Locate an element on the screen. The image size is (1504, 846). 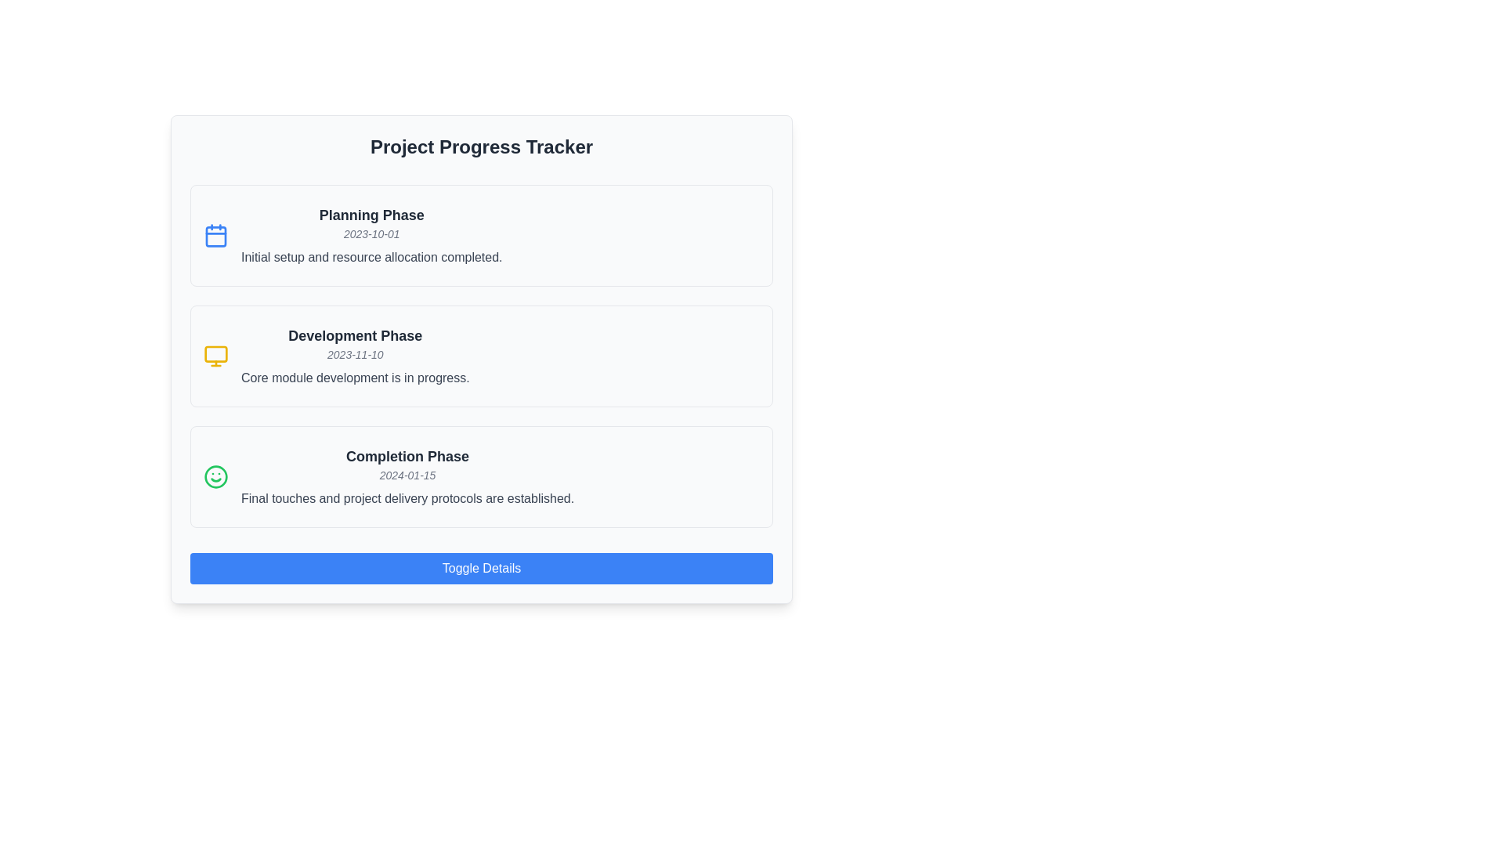
the static text element displaying '2023-10-01', which is styled in a small, gray, italicized font and positioned below the 'Planning Phase' heading is located at coordinates (371, 234).